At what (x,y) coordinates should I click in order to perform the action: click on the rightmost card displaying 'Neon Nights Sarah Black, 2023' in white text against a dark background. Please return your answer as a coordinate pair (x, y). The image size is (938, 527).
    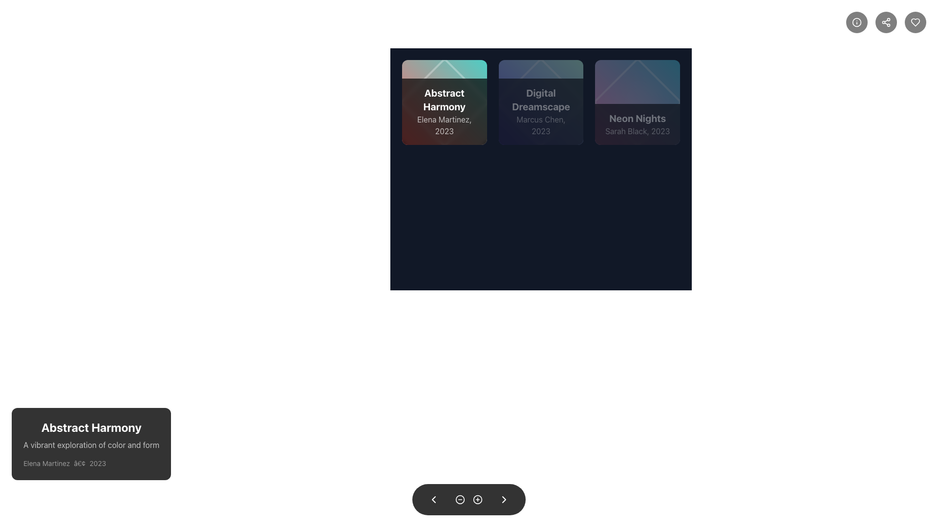
    Looking at the image, I should click on (638, 102).